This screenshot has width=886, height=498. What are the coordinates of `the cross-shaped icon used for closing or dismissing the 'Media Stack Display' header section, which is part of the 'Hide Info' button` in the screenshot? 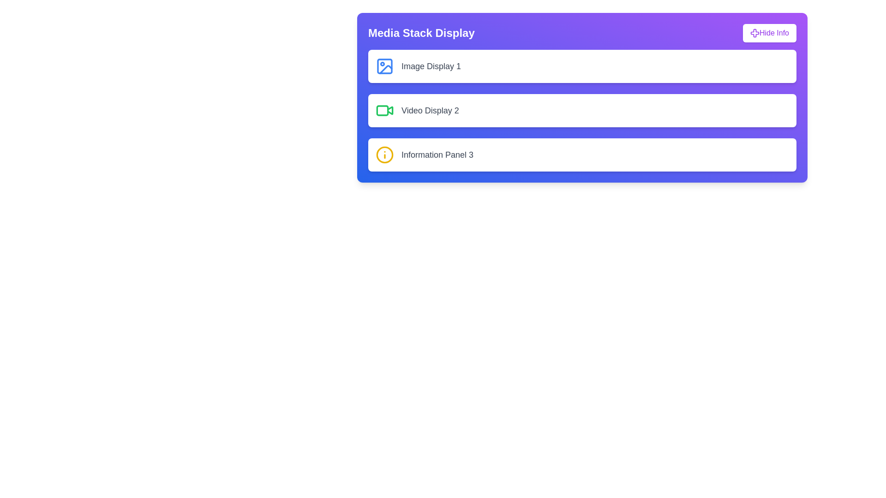 It's located at (755, 33).